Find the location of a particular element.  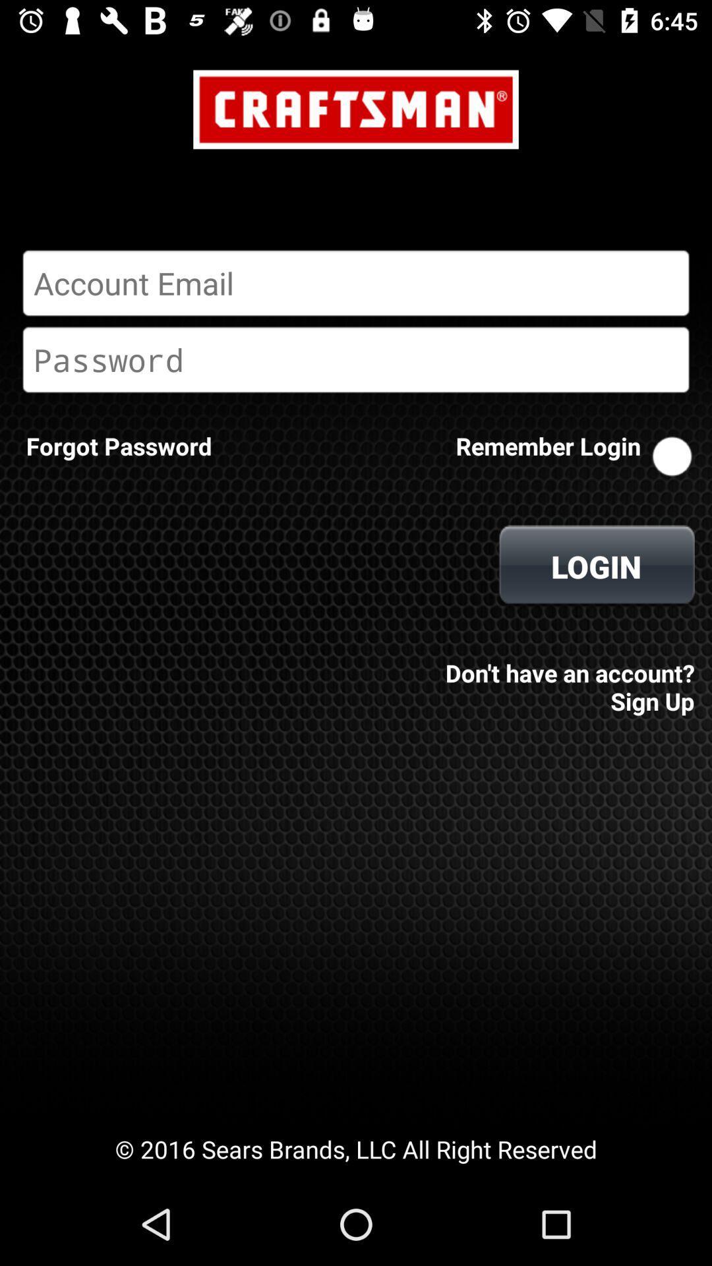

don t have icon is located at coordinates (566, 678).